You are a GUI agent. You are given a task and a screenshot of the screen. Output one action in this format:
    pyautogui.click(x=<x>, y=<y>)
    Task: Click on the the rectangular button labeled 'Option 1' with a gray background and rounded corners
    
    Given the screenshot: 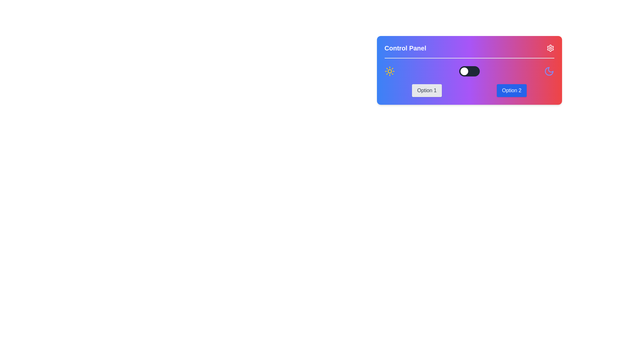 What is the action you would take?
    pyautogui.click(x=427, y=90)
    